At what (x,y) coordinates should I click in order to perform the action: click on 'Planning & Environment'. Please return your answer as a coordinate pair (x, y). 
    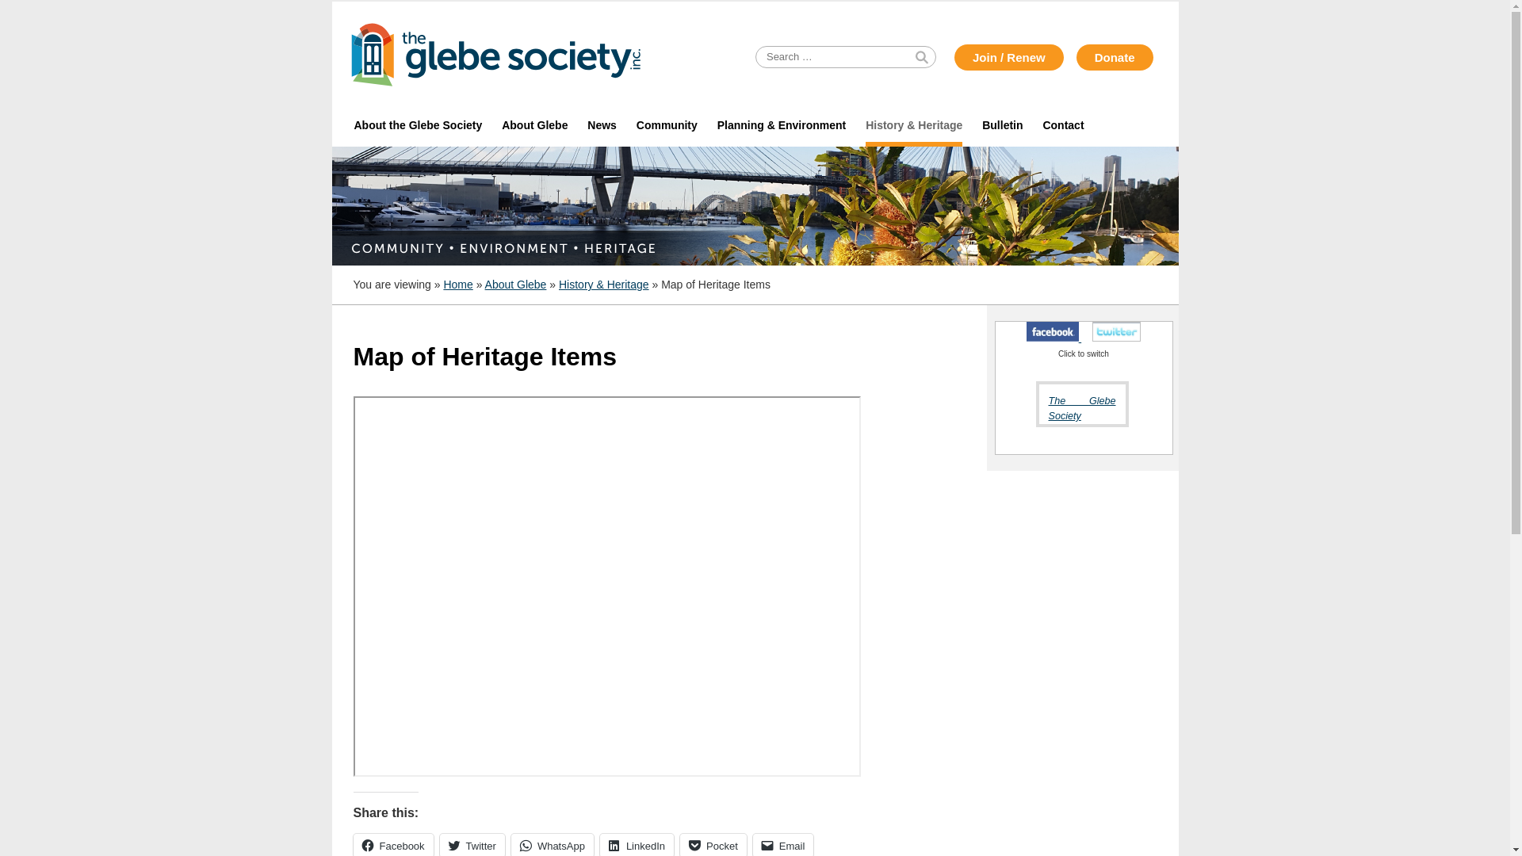
    Looking at the image, I should click on (781, 124).